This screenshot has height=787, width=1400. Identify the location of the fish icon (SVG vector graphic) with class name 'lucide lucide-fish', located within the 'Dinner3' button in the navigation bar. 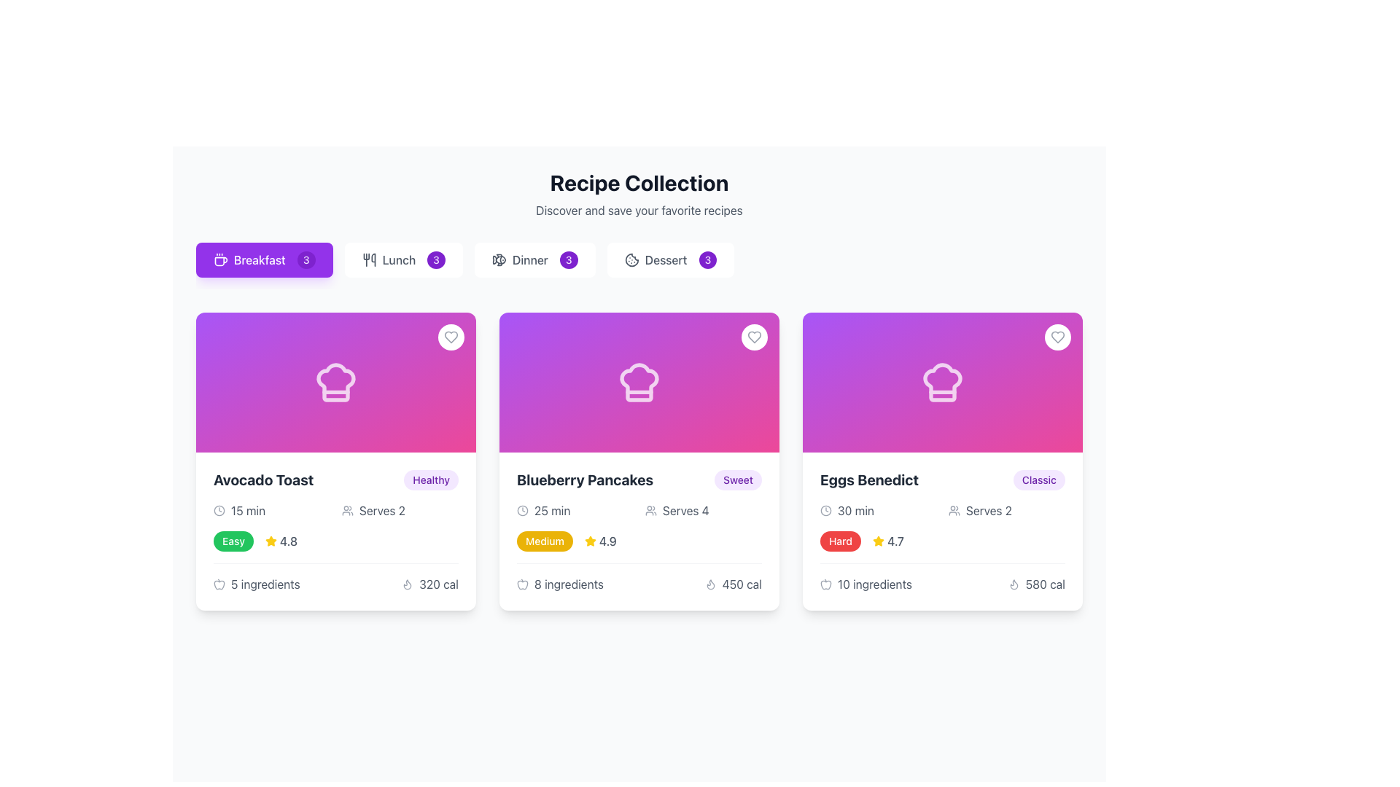
(499, 259).